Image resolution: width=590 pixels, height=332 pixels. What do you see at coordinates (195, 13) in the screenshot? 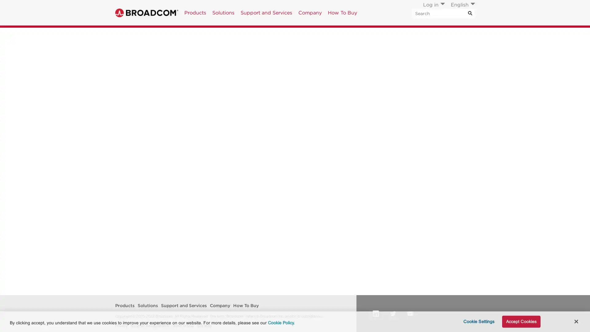
I see `Products` at bounding box center [195, 13].